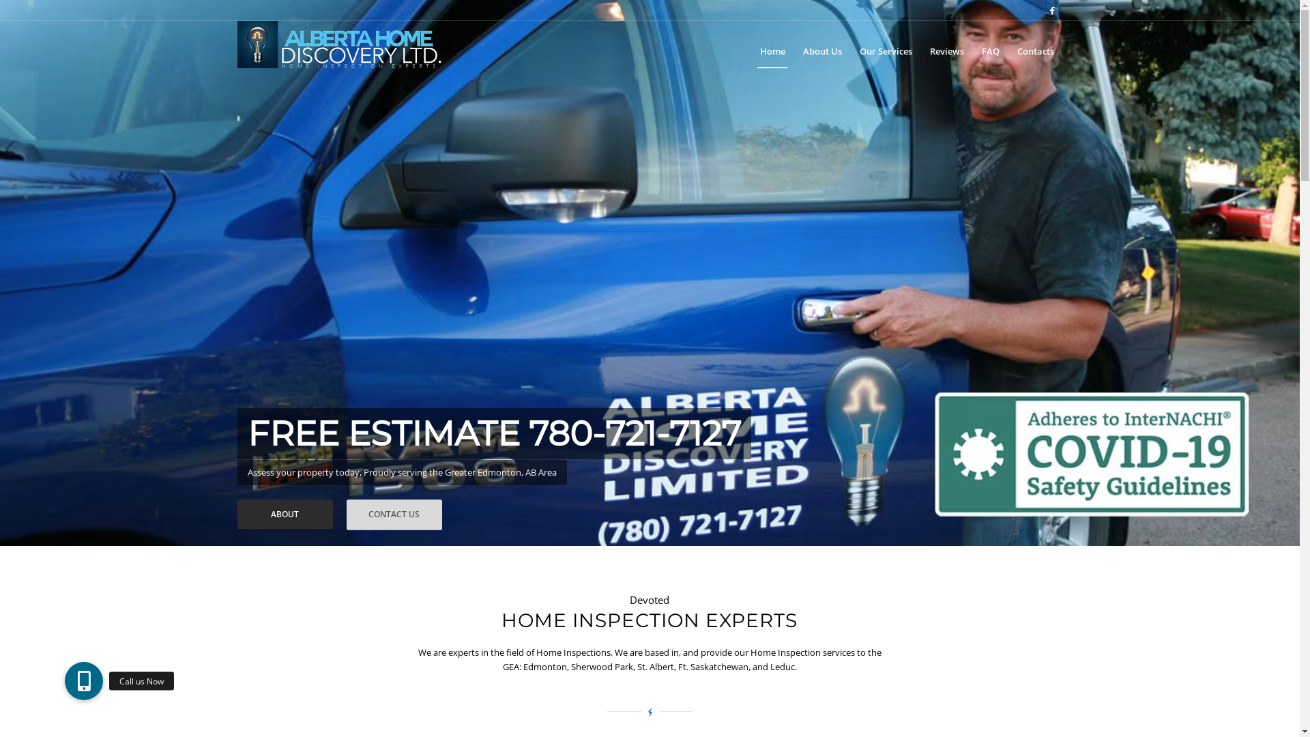 The image size is (1310, 737). What do you see at coordinates (885, 50) in the screenshot?
I see `'Our Services'` at bounding box center [885, 50].